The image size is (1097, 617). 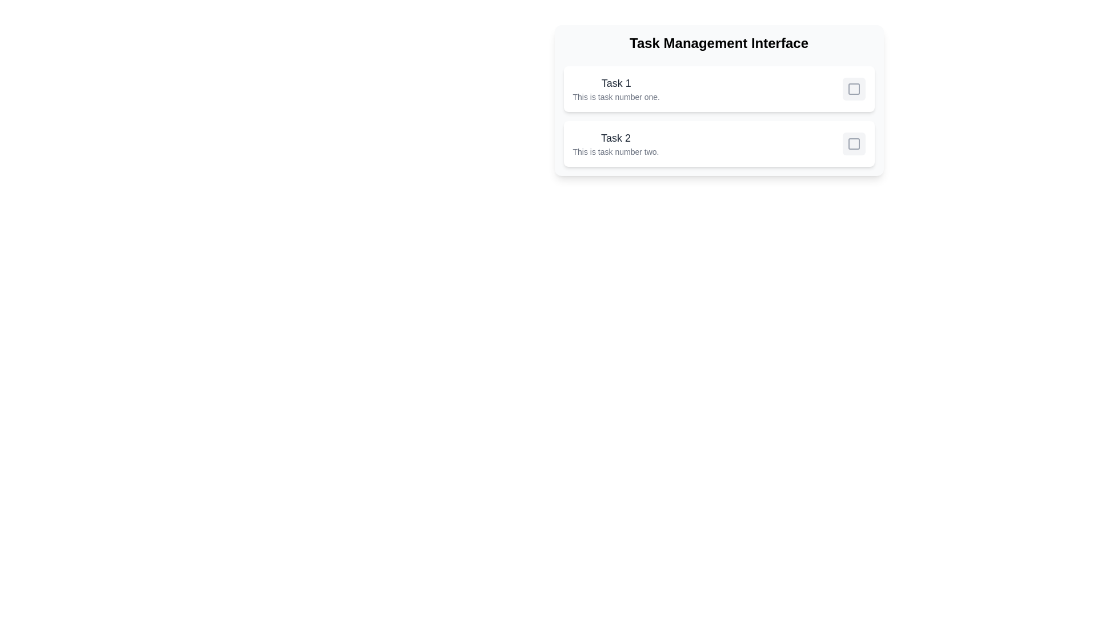 What do you see at coordinates (615, 88) in the screenshot?
I see `the Text display element that provides a descriptive title and summary for the task in the task management interface to use this text as a reference for performing further tasks` at bounding box center [615, 88].